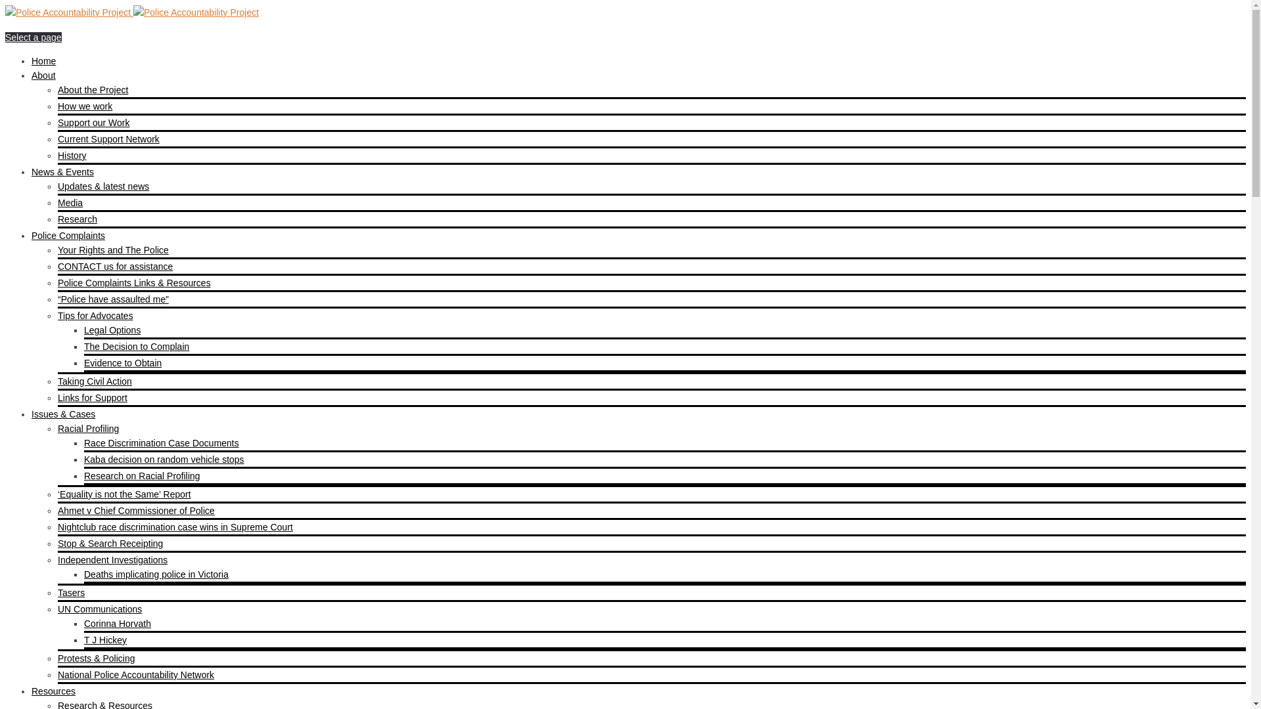 This screenshot has width=1261, height=709. Describe the element at coordinates (102, 186) in the screenshot. I see `'Updates & latest news'` at that location.